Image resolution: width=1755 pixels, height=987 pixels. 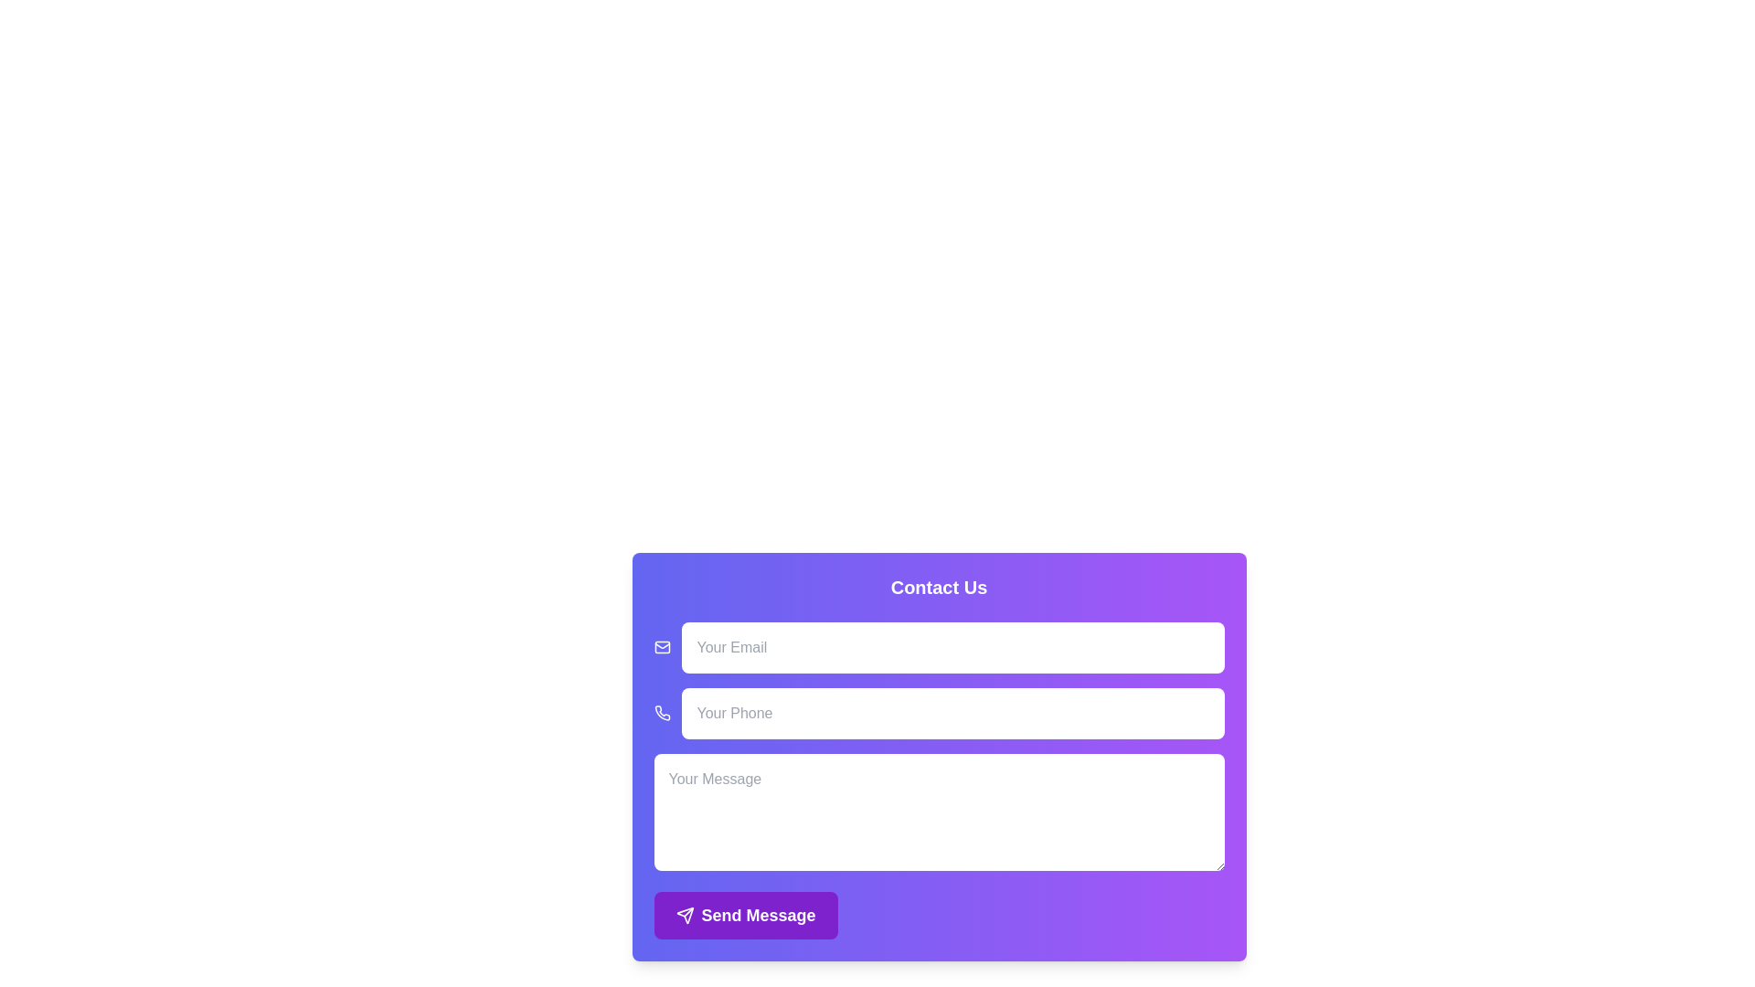 What do you see at coordinates (939, 647) in the screenshot?
I see `the 'Your Email' input field to focus on it for user input` at bounding box center [939, 647].